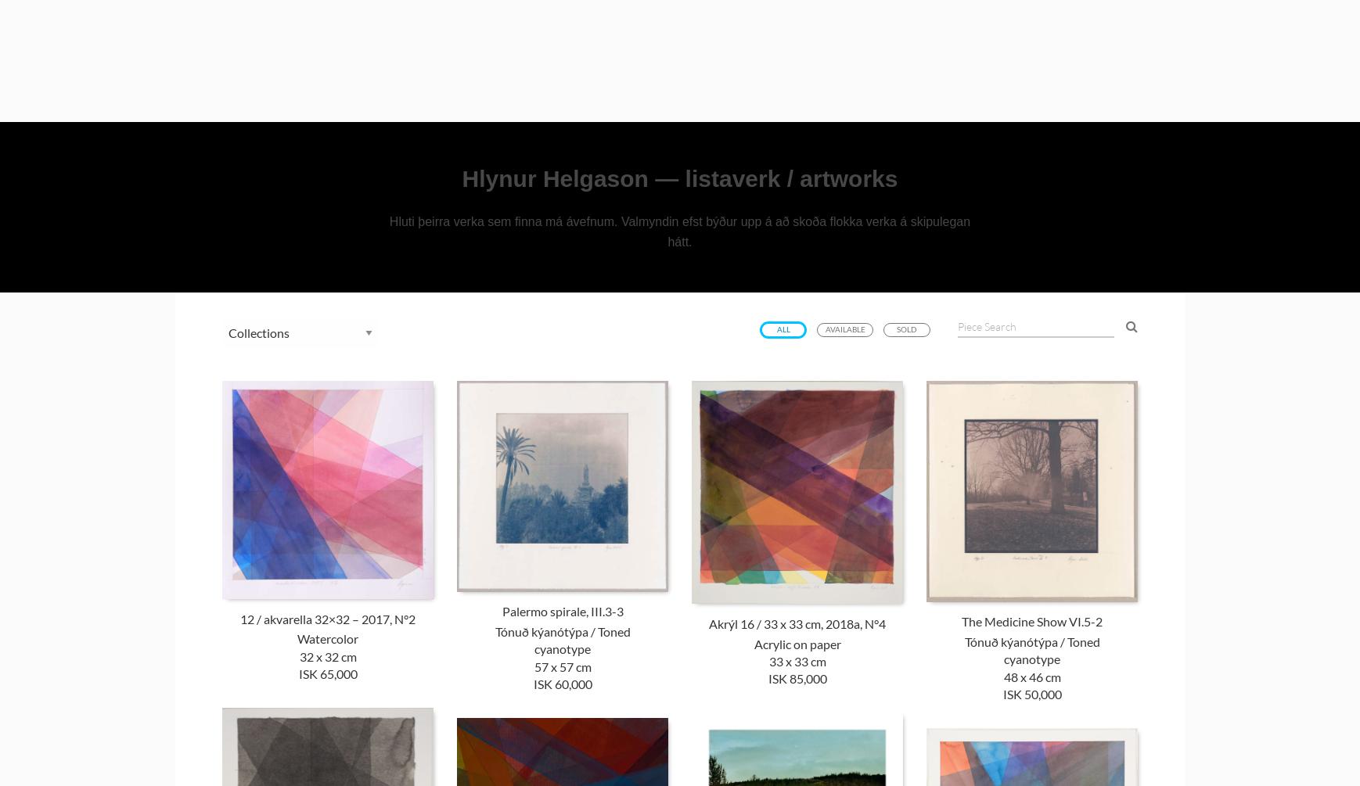  What do you see at coordinates (1106, 81) in the screenshot?
I see `'Œuvre'` at bounding box center [1106, 81].